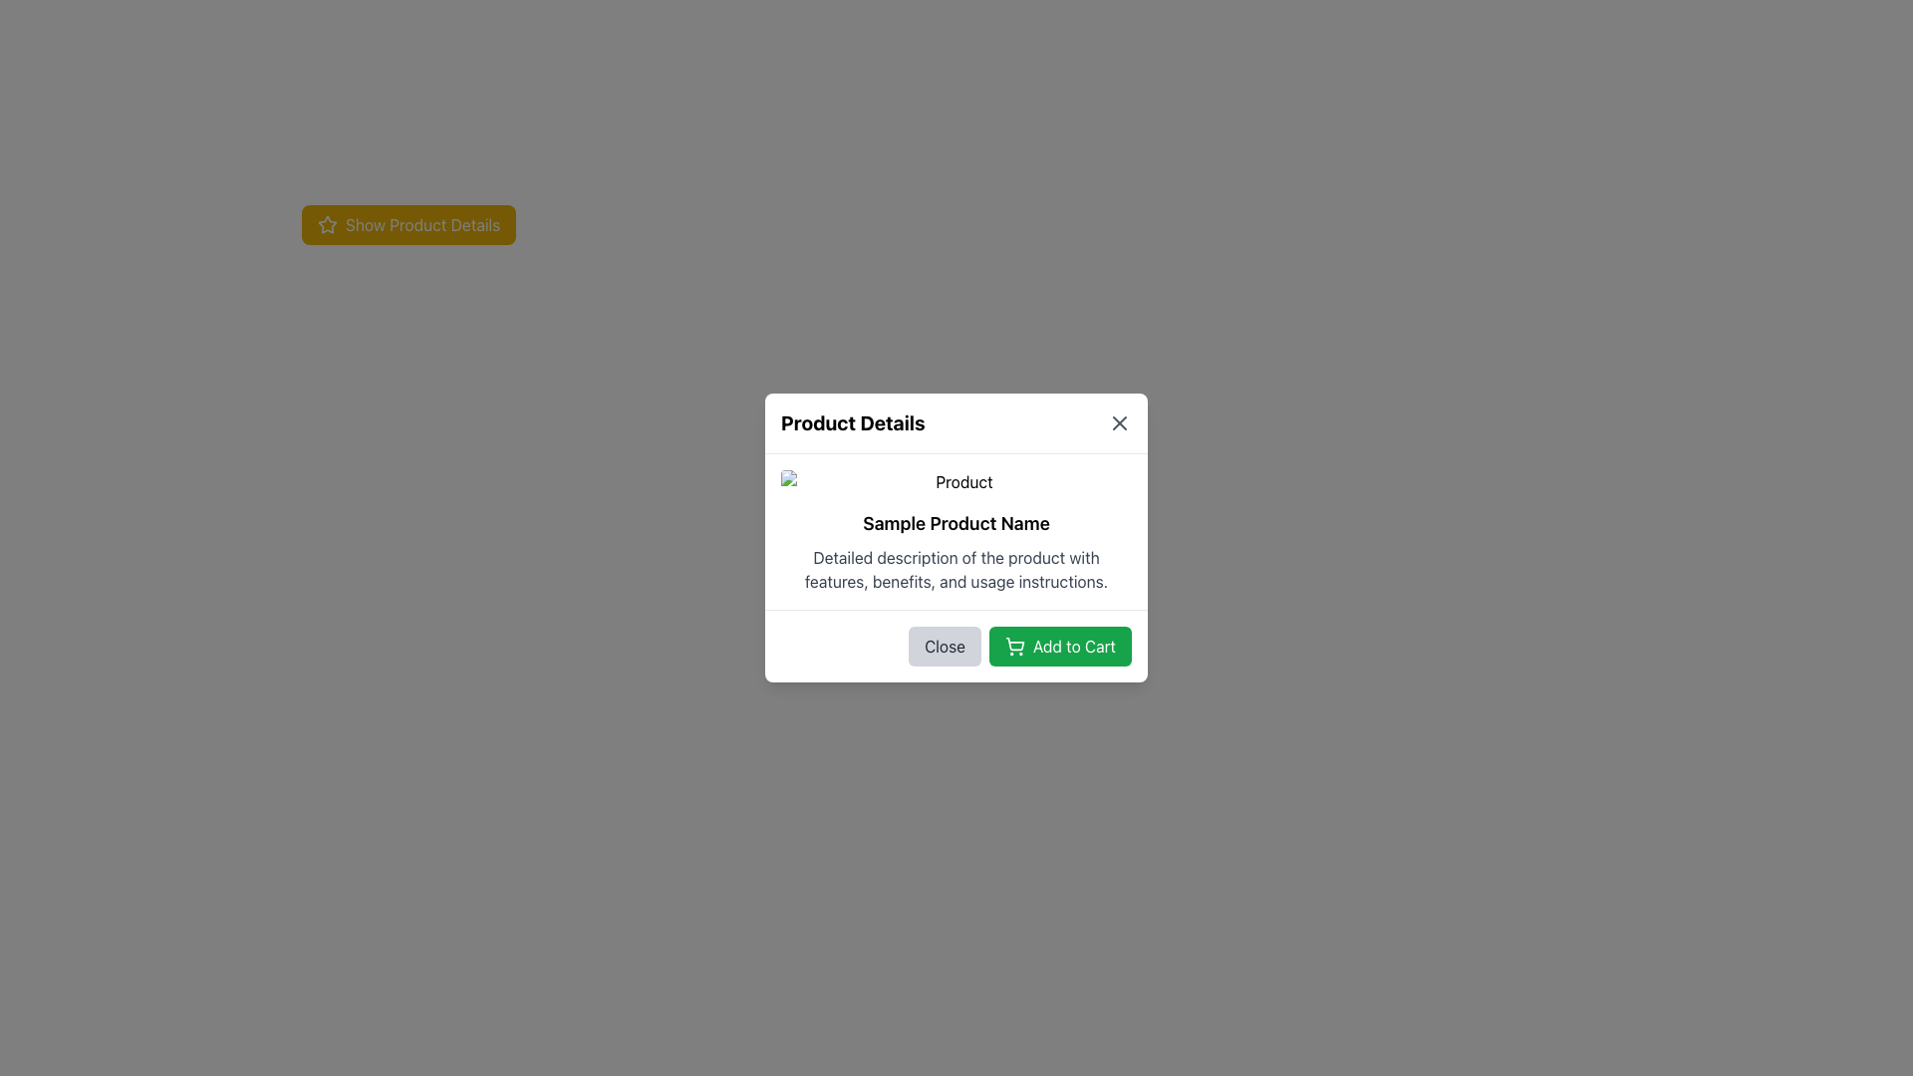 The image size is (1913, 1076). What do you see at coordinates (1059, 646) in the screenshot?
I see `the 'Add to Cart' button with a green background and white text located in the bottom-right corner of the 'Product Details' modal dialog` at bounding box center [1059, 646].